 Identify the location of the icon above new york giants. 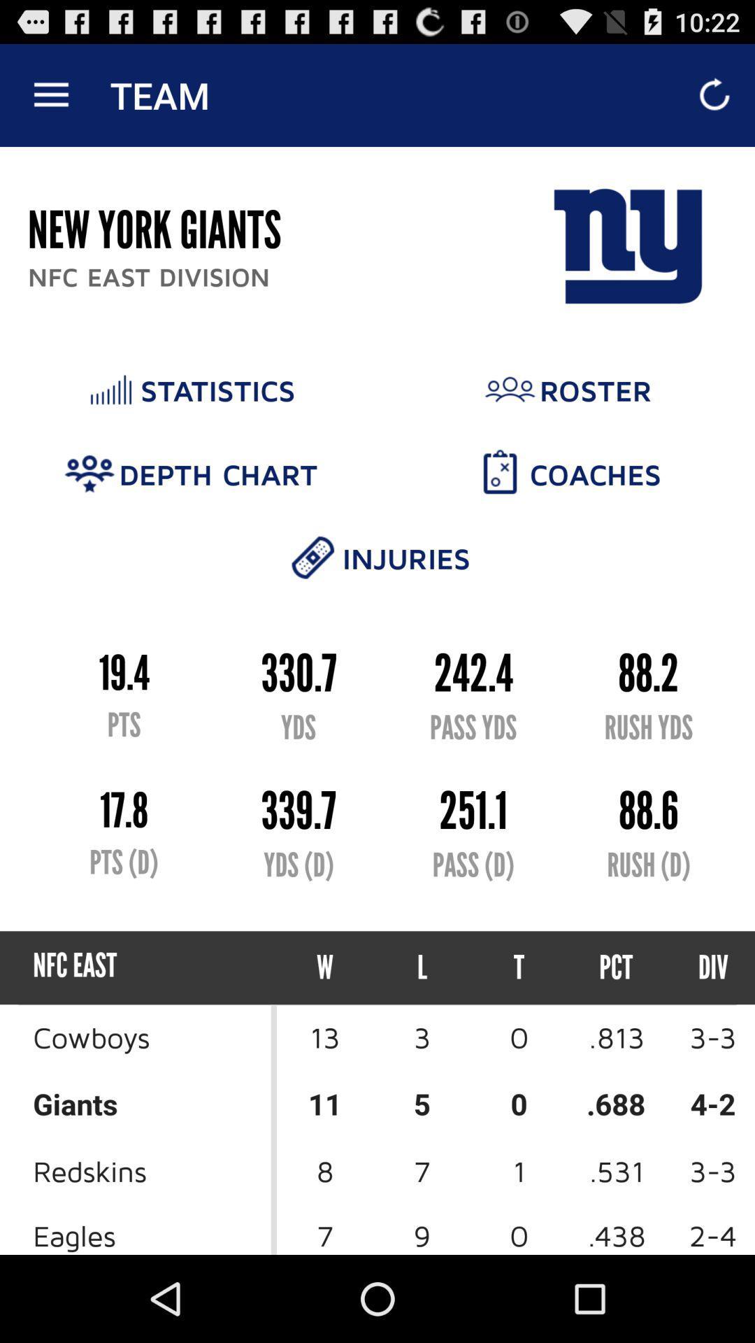
(50, 94).